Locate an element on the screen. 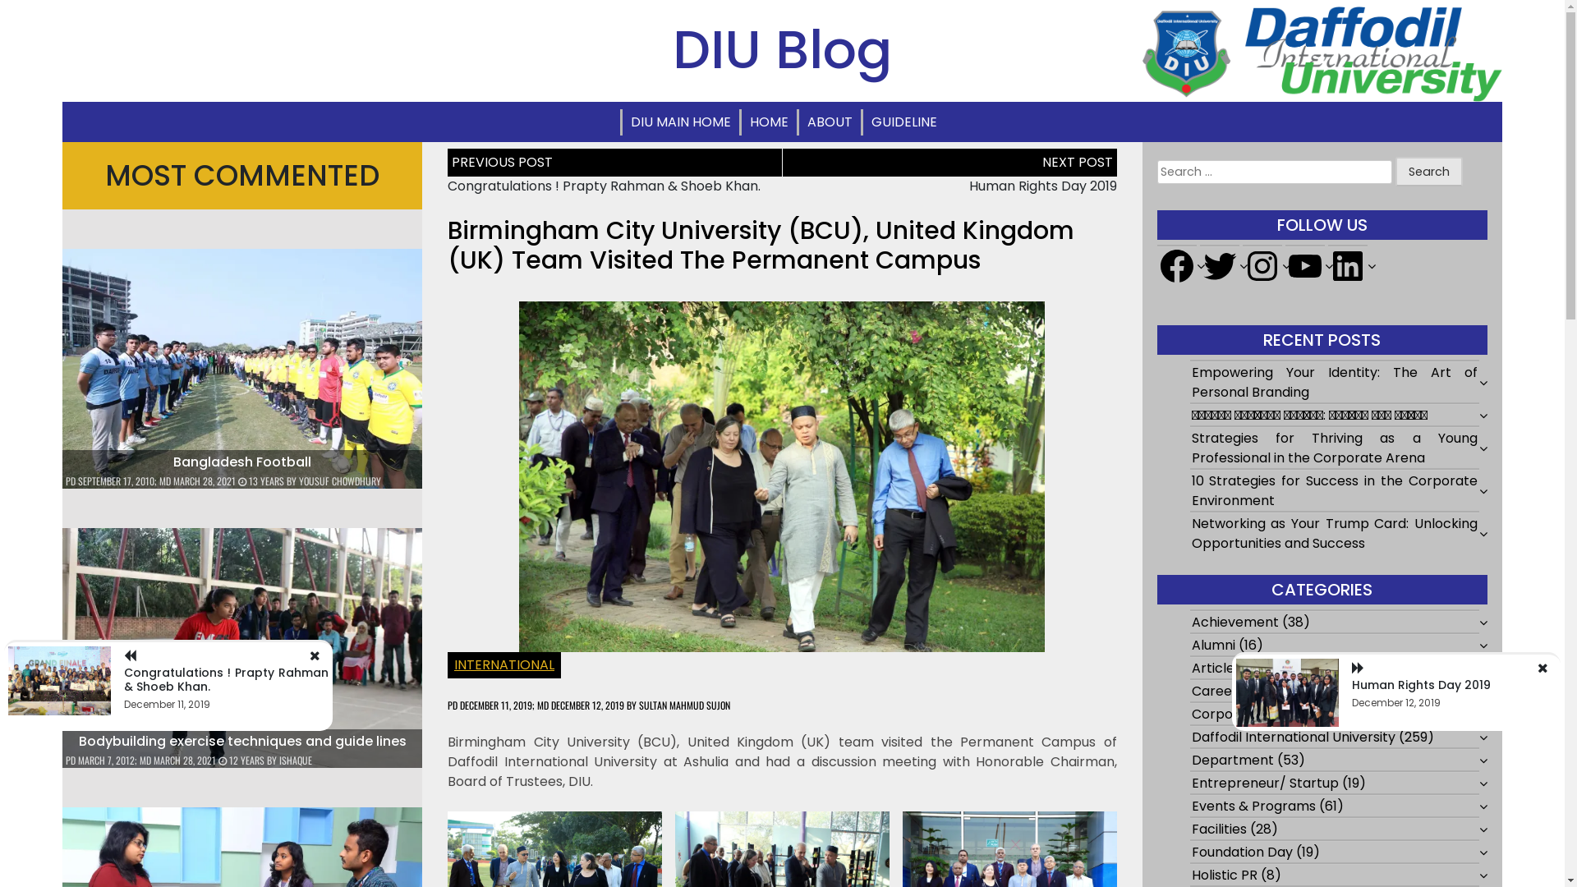  'SEPTEMBER 17, 2010; MD MARCH 28, 2021' is located at coordinates (157, 480).